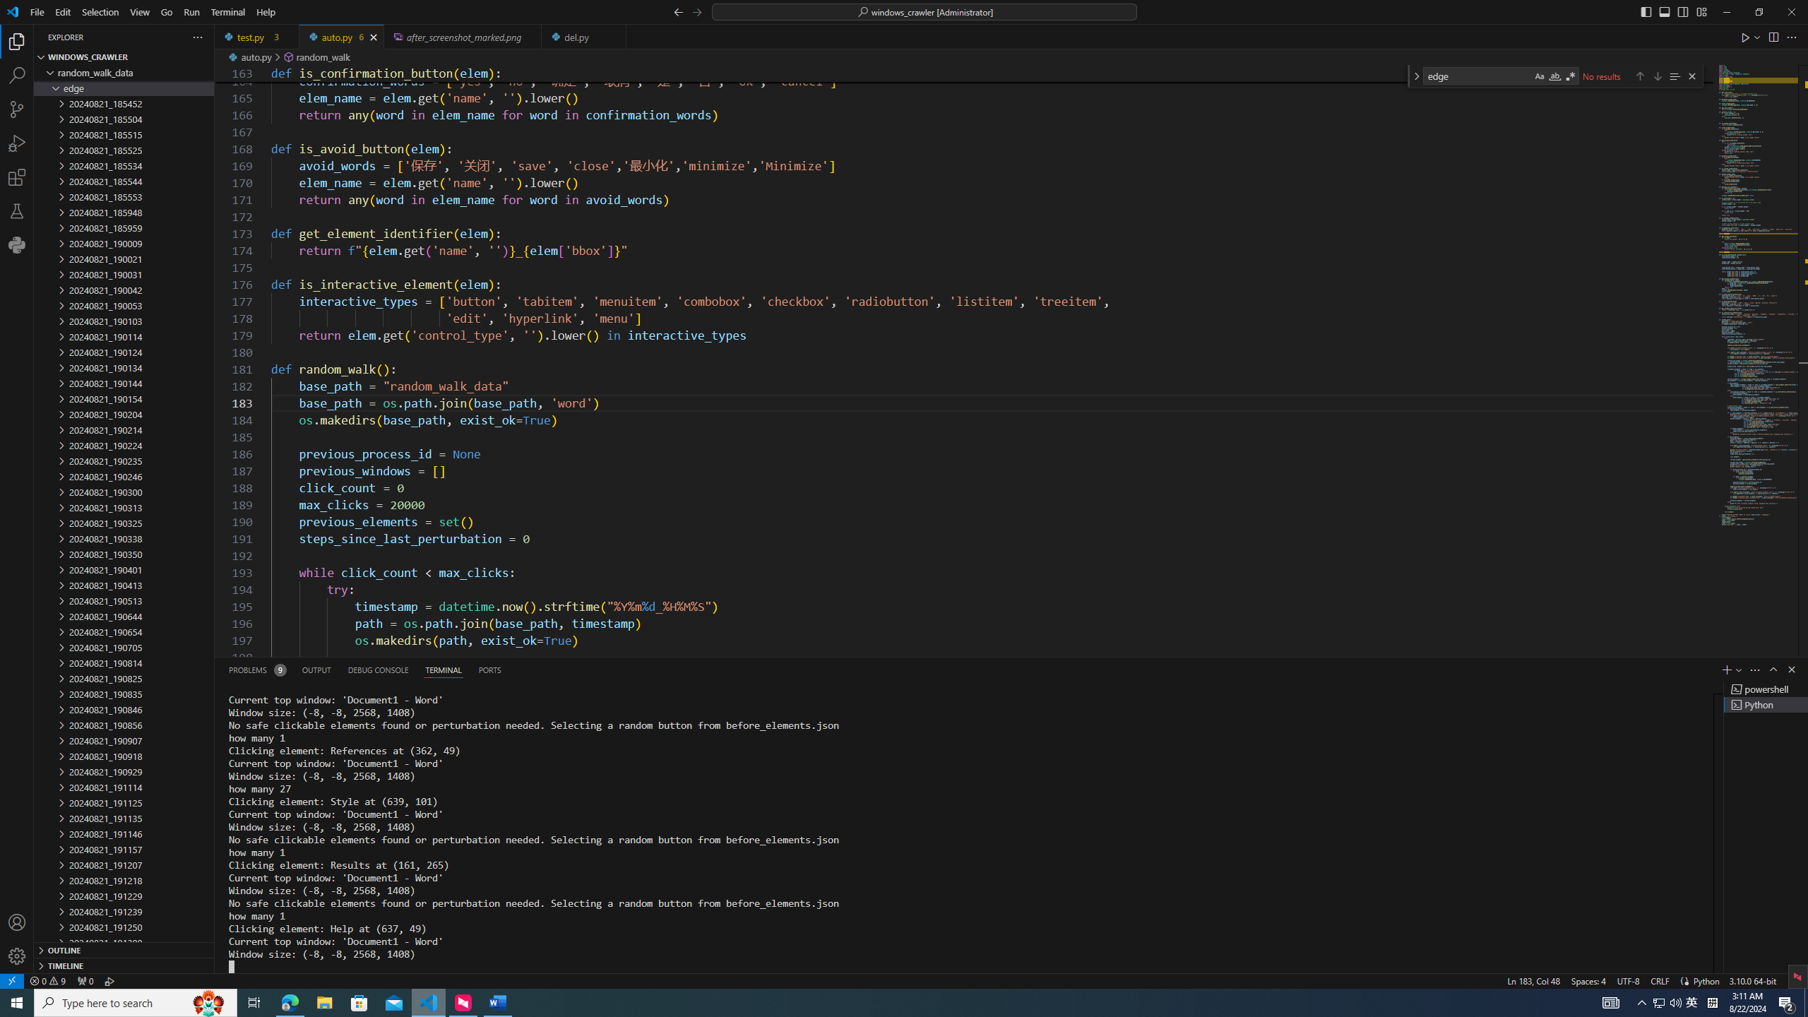 The image size is (1808, 1017). Describe the element at coordinates (11, 980) in the screenshot. I see `'remote'` at that location.